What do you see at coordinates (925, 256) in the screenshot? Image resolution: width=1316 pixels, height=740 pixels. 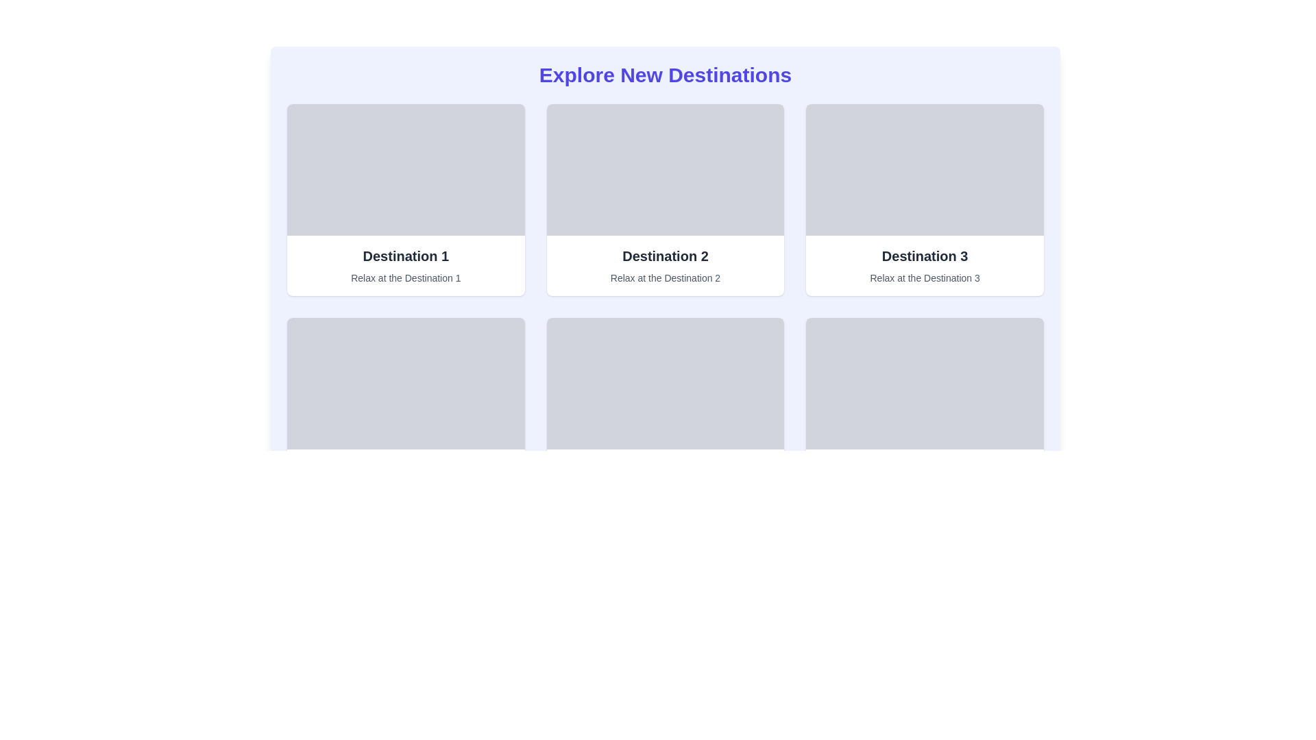 I see `text label 'Destination 3' which is prominently displayed in the header of the third card in the top row of a grid layout` at bounding box center [925, 256].